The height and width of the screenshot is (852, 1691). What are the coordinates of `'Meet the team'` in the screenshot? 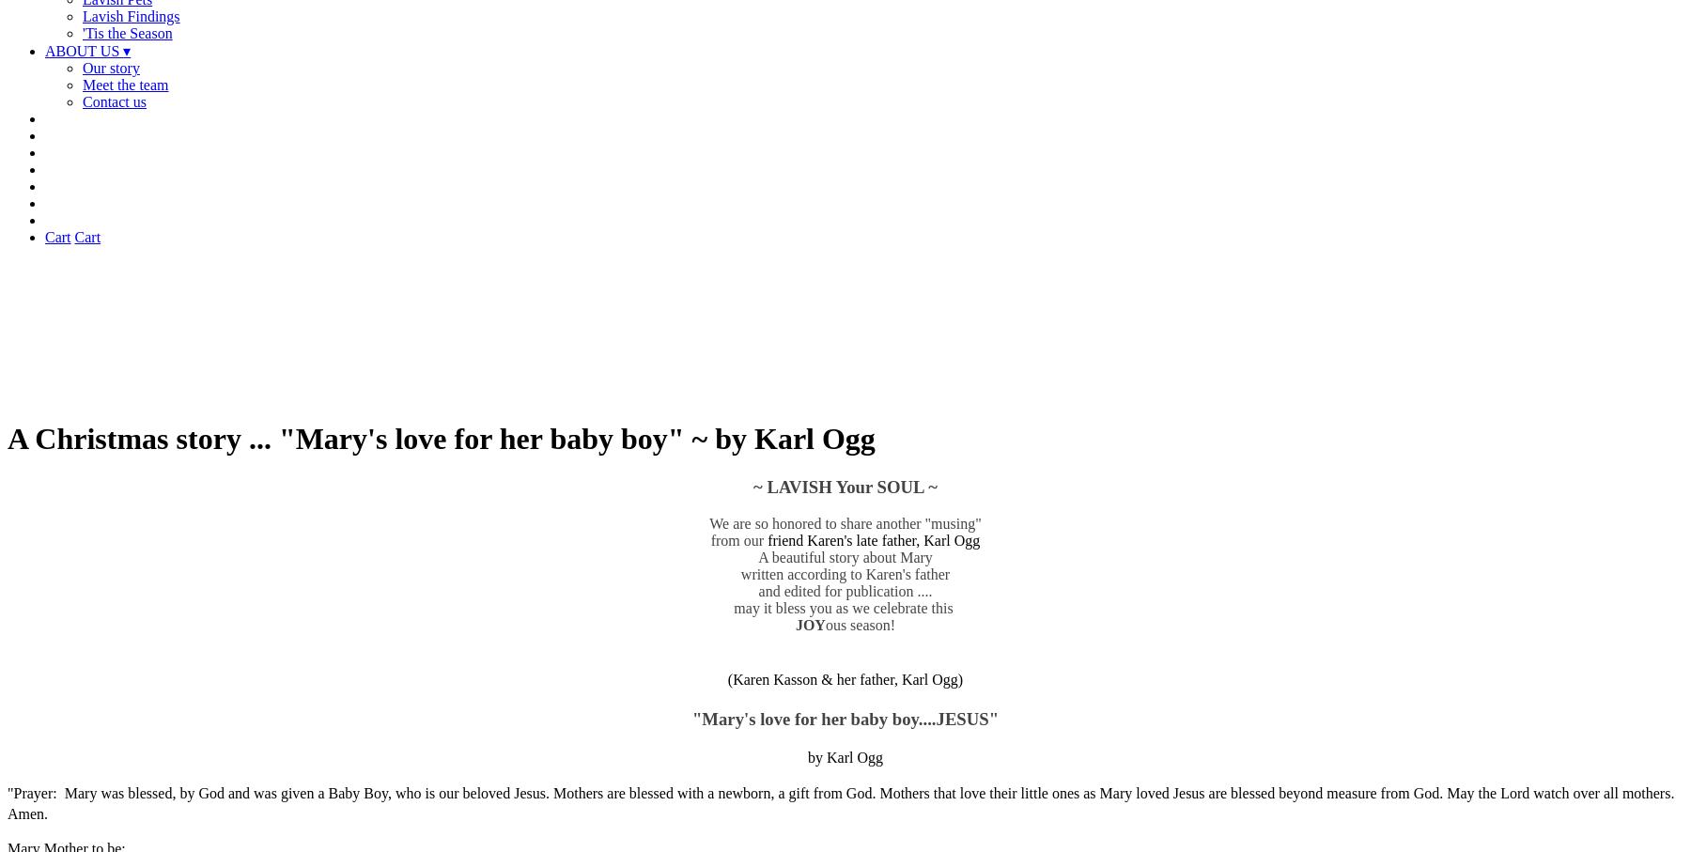 It's located at (125, 84).